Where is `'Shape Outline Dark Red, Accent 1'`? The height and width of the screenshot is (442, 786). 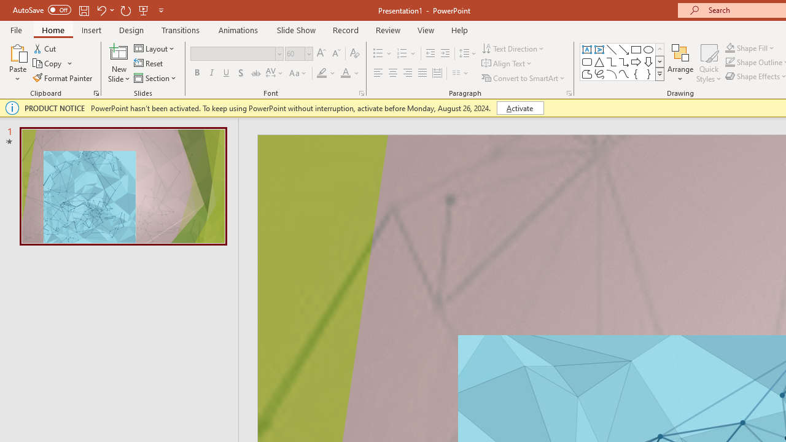
'Shape Outline Dark Red, Accent 1' is located at coordinates (730, 62).